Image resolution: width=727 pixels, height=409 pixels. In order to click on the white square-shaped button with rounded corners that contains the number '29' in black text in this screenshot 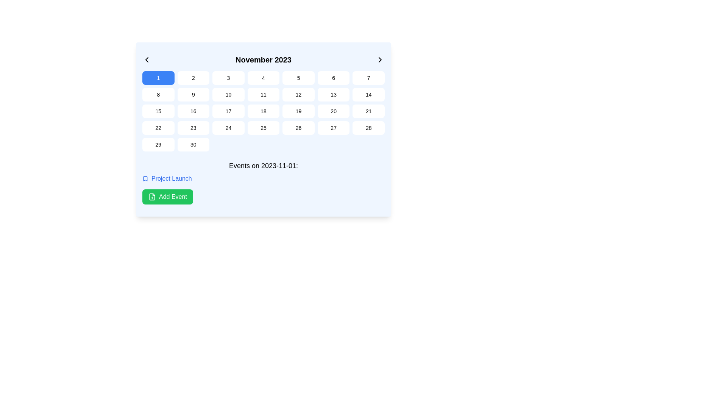, I will do `click(158, 144)`.